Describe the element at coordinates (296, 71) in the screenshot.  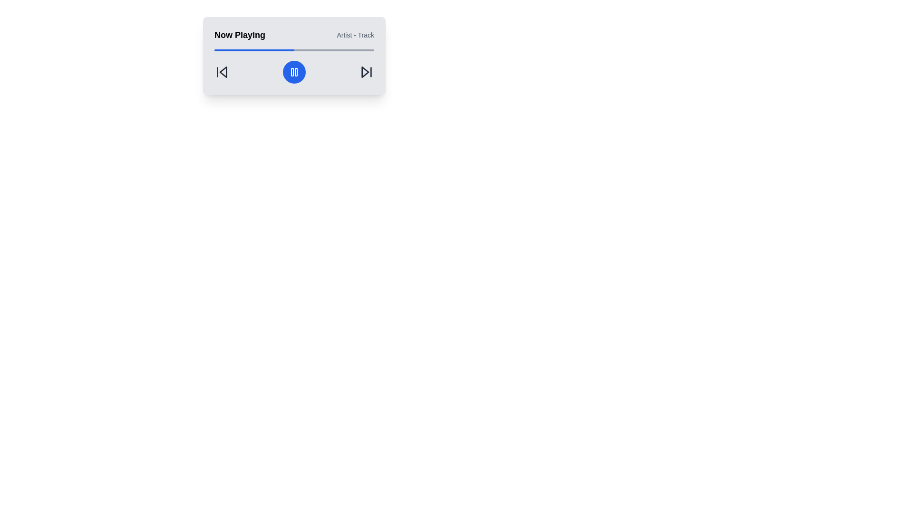
I see `the SVG rectangle that is part of the pause button icon, located on the right side of the pause icon in the media control section` at that location.